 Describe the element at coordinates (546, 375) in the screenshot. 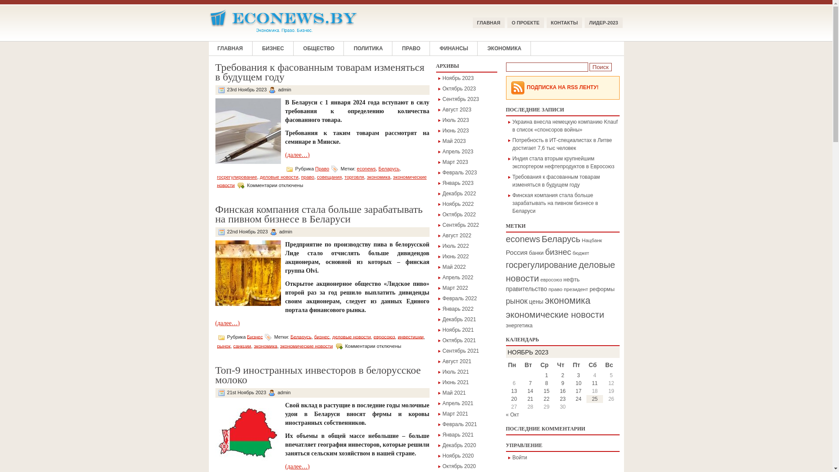

I see `'1'` at that location.